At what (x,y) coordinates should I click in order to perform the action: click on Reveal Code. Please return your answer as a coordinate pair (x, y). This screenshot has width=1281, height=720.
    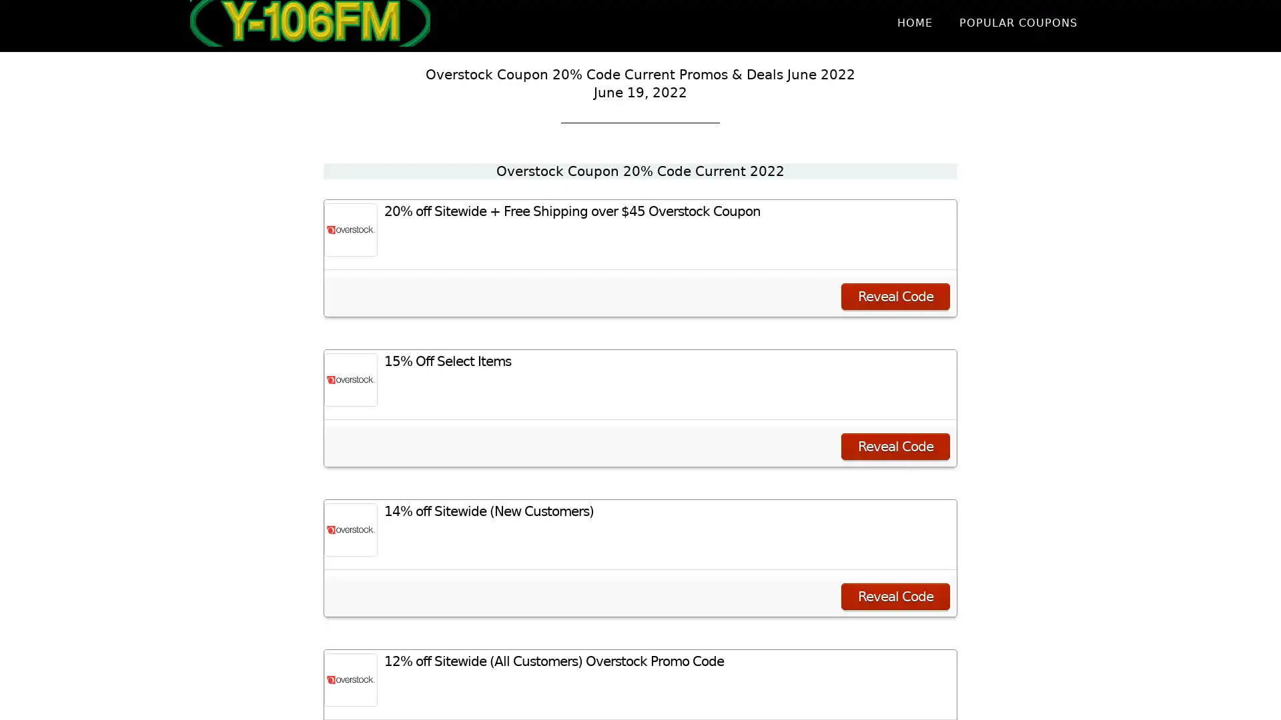
    Looking at the image, I should click on (895, 595).